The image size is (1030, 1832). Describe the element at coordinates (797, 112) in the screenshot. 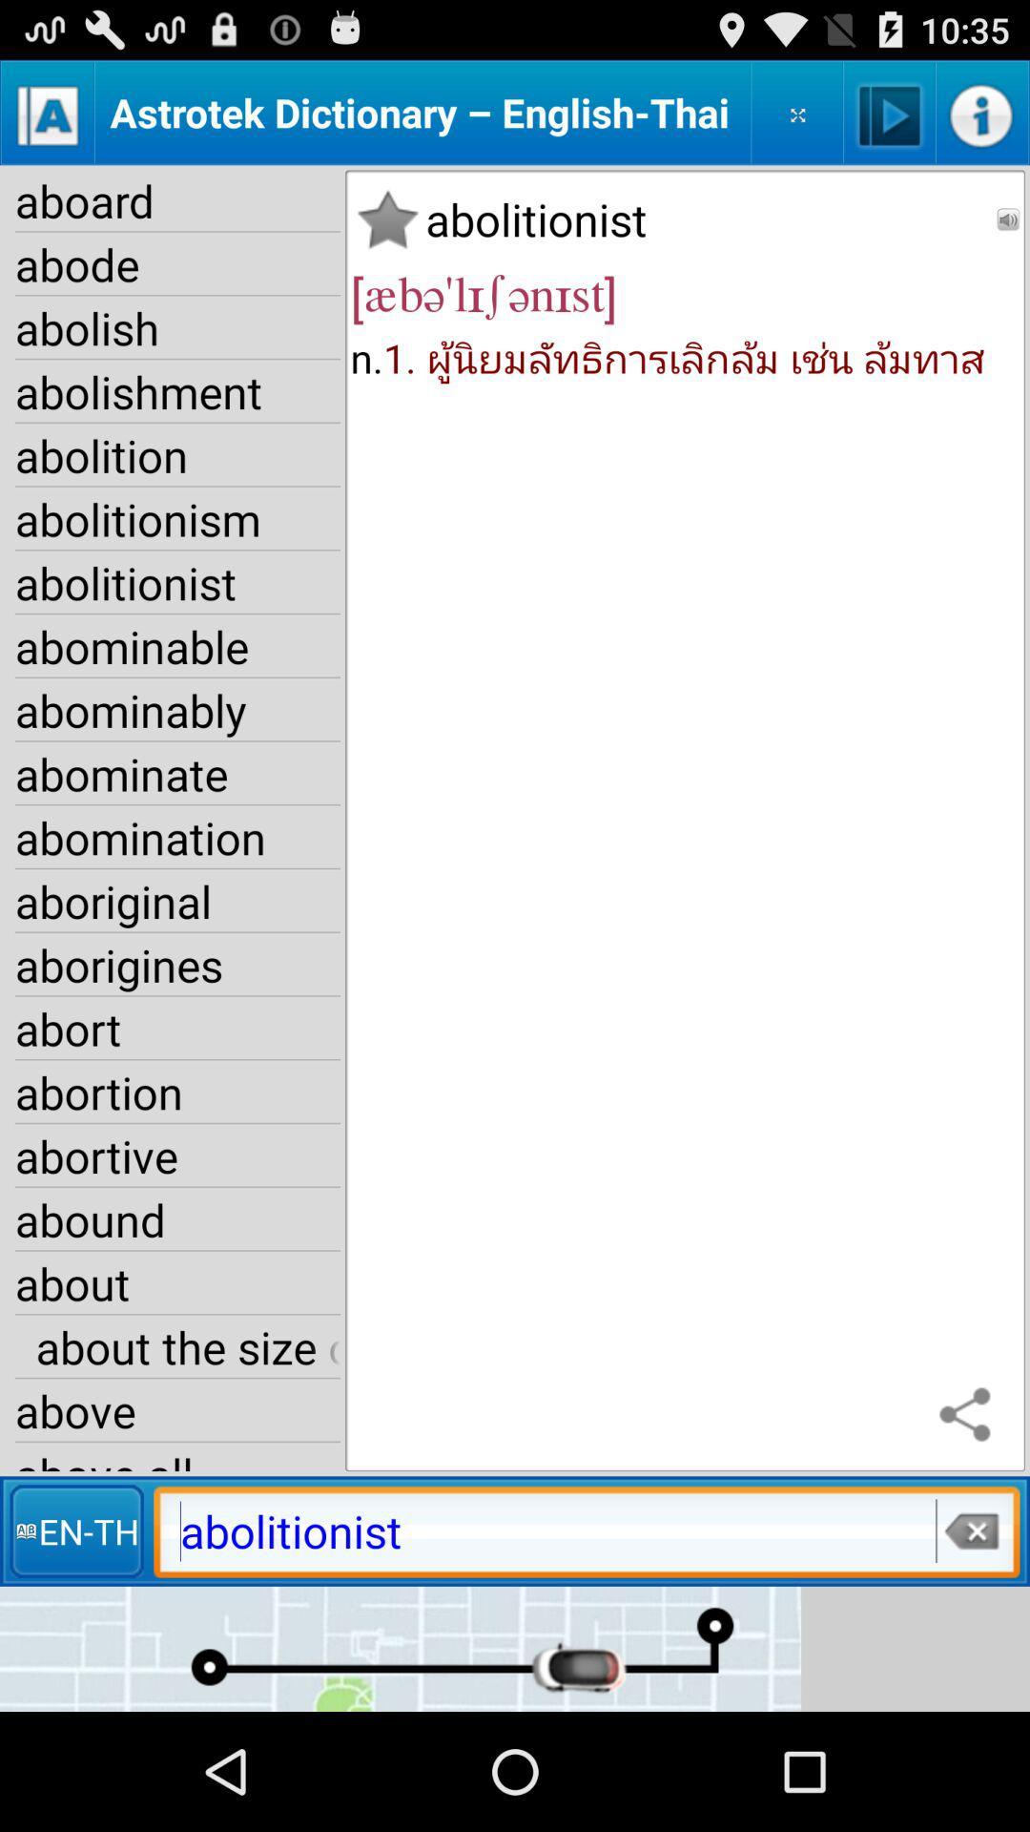

I see `opinion section` at that location.